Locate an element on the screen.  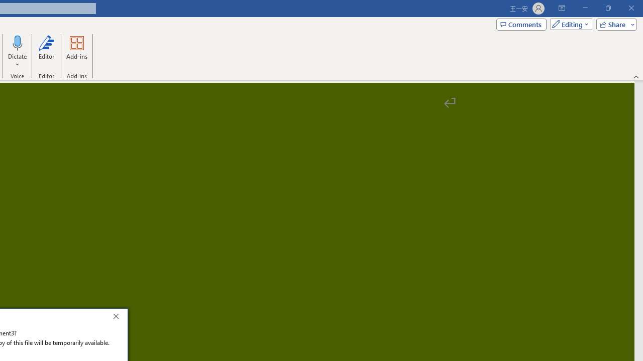
'Dictate' is located at coordinates (18, 42).